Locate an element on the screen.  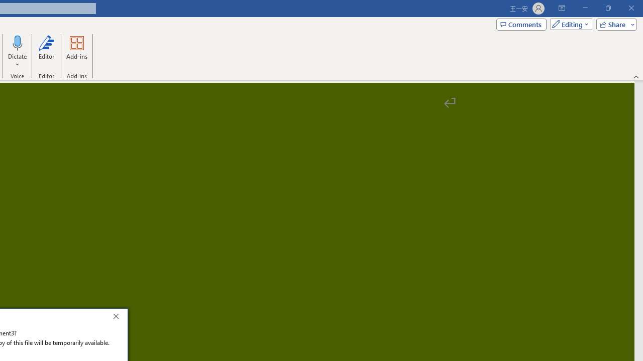
'Dictate' is located at coordinates (18, 42).